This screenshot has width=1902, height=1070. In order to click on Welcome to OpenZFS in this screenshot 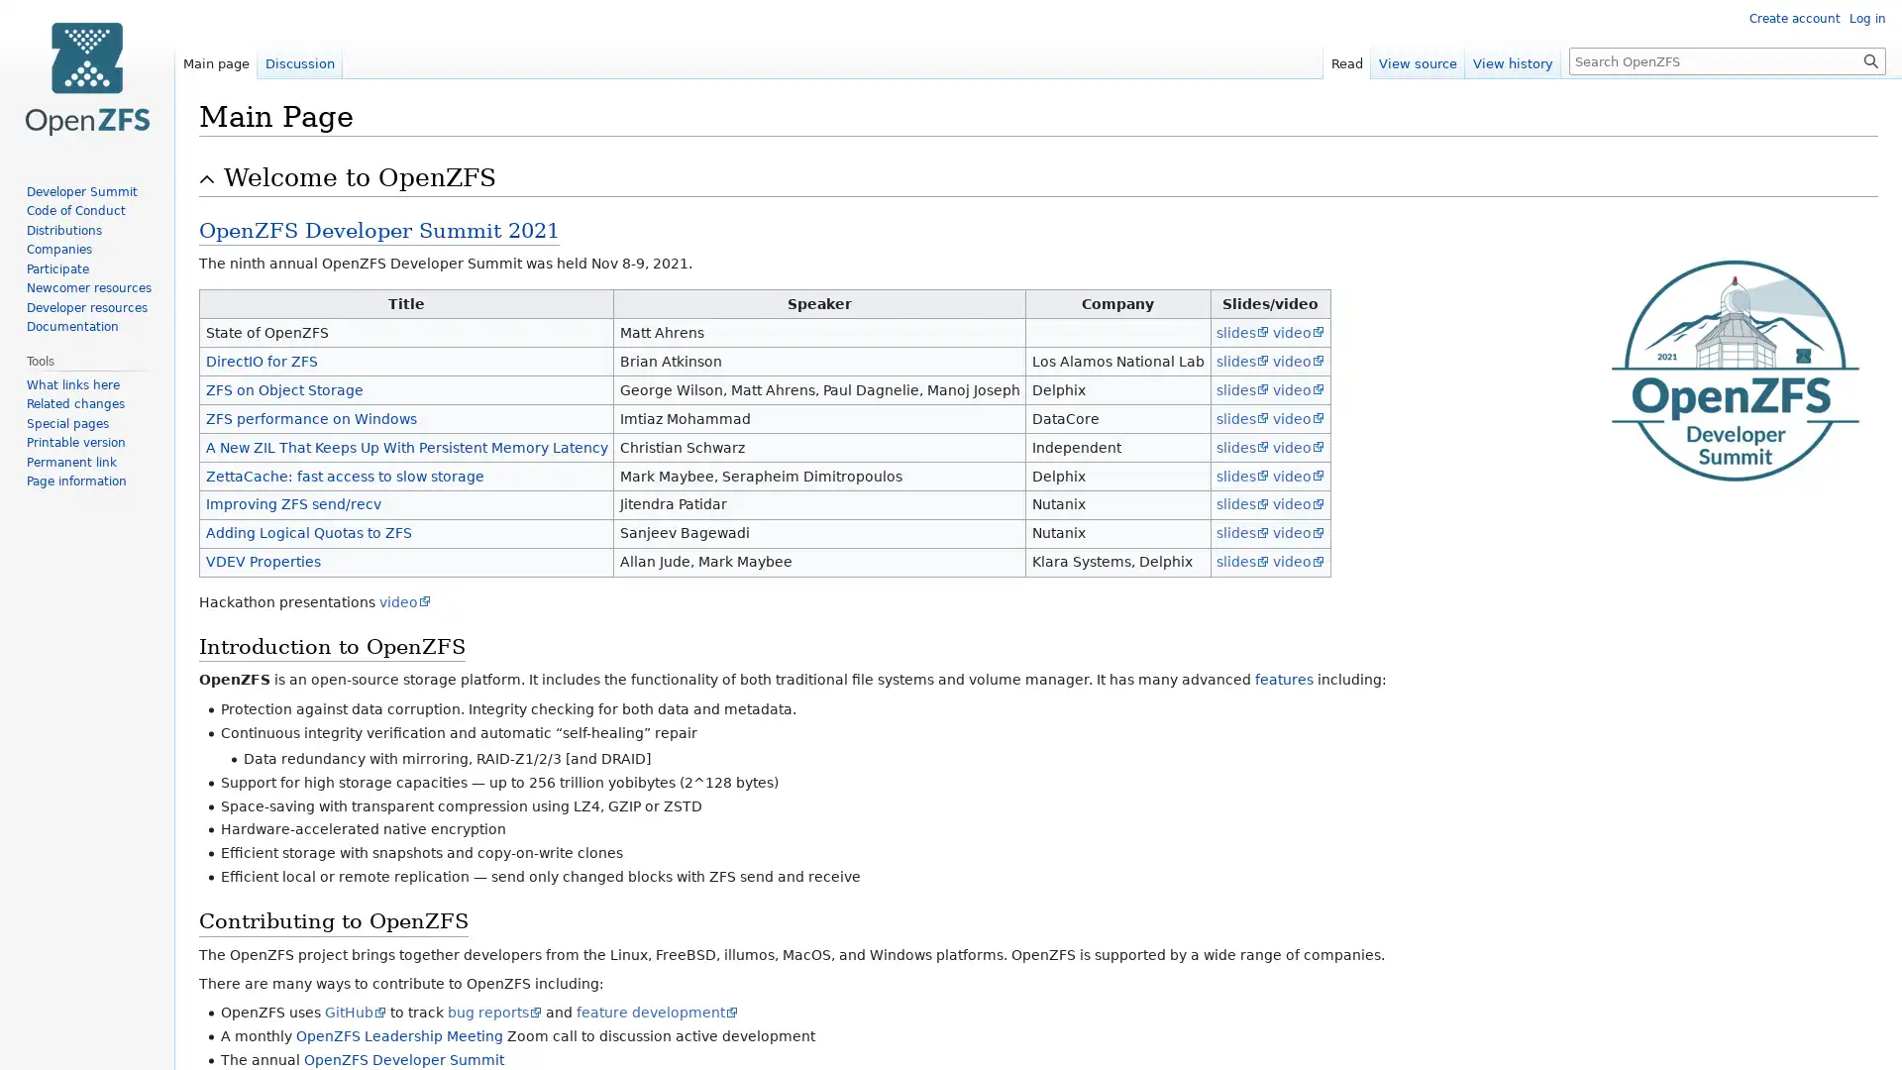, I will do `click(1049, 178)`.